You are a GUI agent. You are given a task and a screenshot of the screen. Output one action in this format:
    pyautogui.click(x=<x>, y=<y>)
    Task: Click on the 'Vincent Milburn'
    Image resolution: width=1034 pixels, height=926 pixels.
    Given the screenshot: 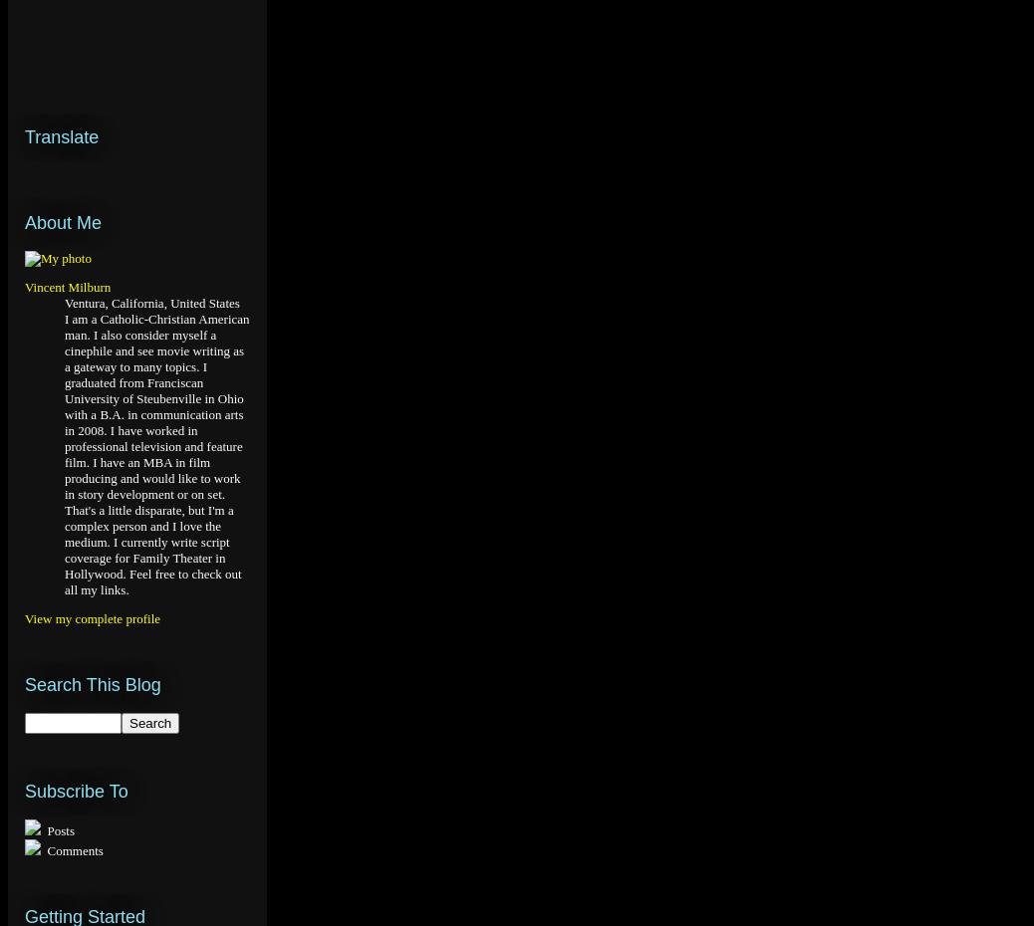 What is the action you would take?
    pyautogui.click(x=66, y=287)
    